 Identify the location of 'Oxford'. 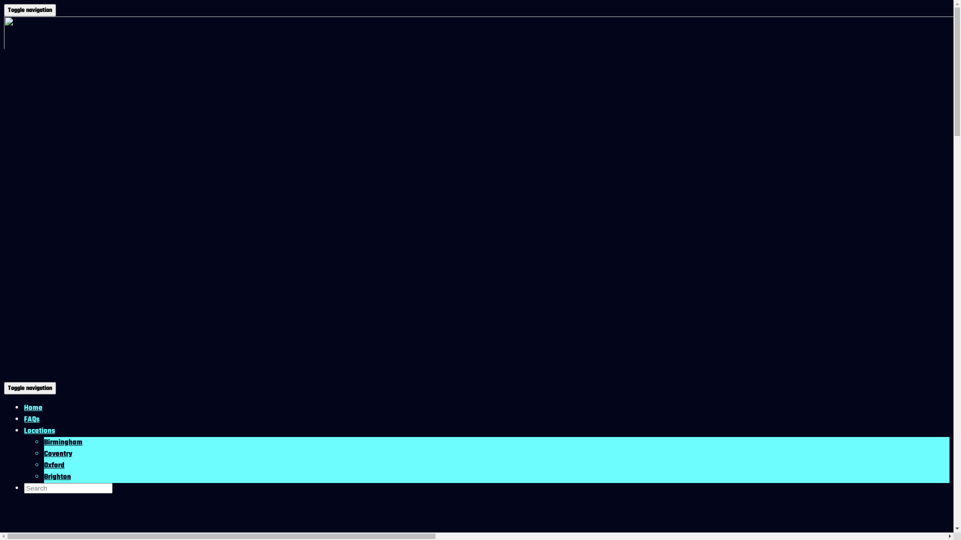
(54, 465).